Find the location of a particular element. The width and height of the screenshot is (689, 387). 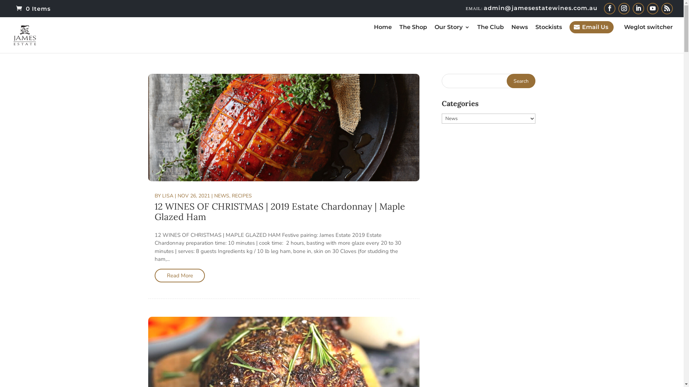

'LISA' is located at coordinates (167, 196).